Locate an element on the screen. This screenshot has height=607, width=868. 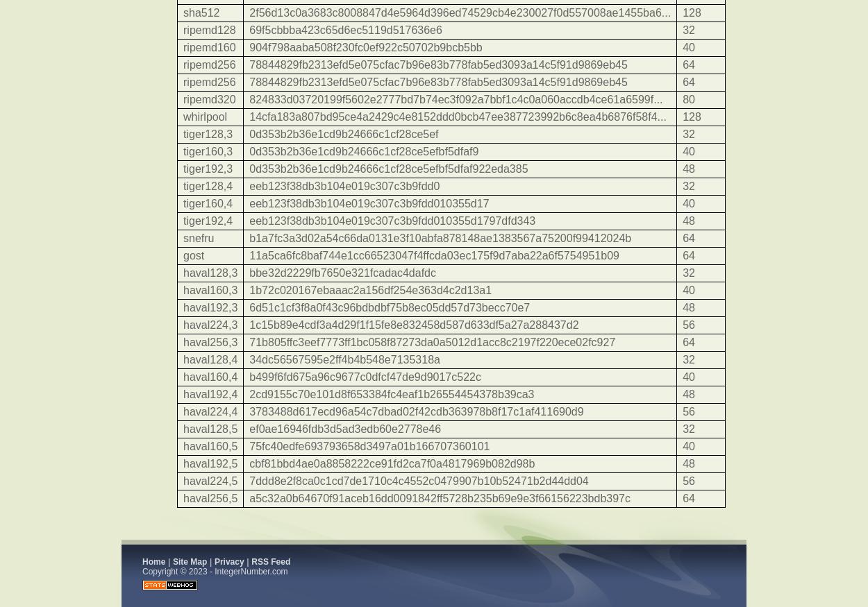
'Privacy' is located at coordinates (214, 561).